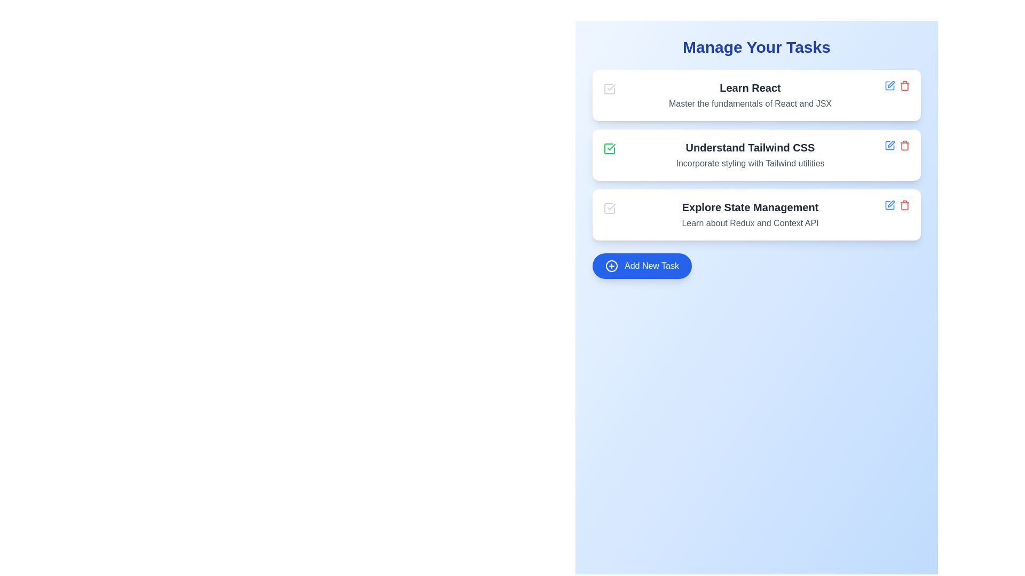 The image size is (1025, 576). I want to click on the status indicator icon located in the third task entry under 'Manage Your Tasks', positioned to the left of the task's title, so click(610, 208).